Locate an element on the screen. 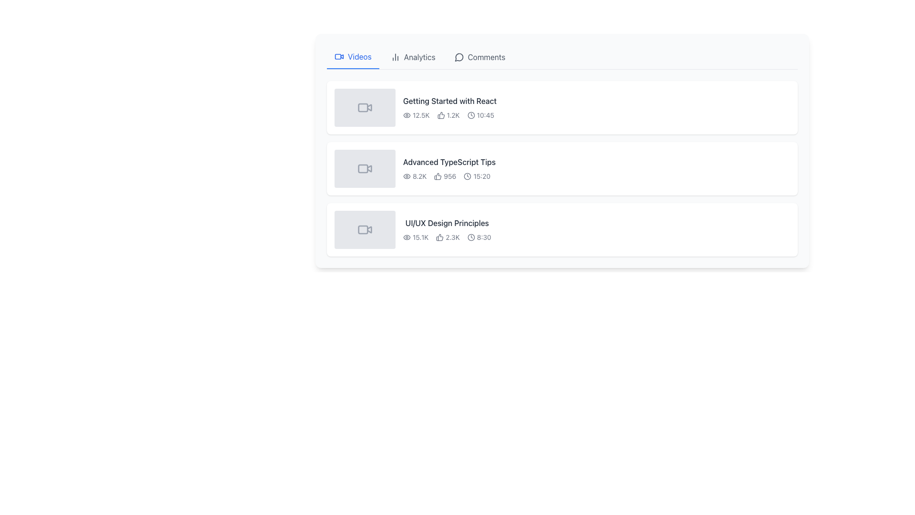  the metadata display element below the title 'Advanced TypeScript Tips' is located at coordinates (449, 176).